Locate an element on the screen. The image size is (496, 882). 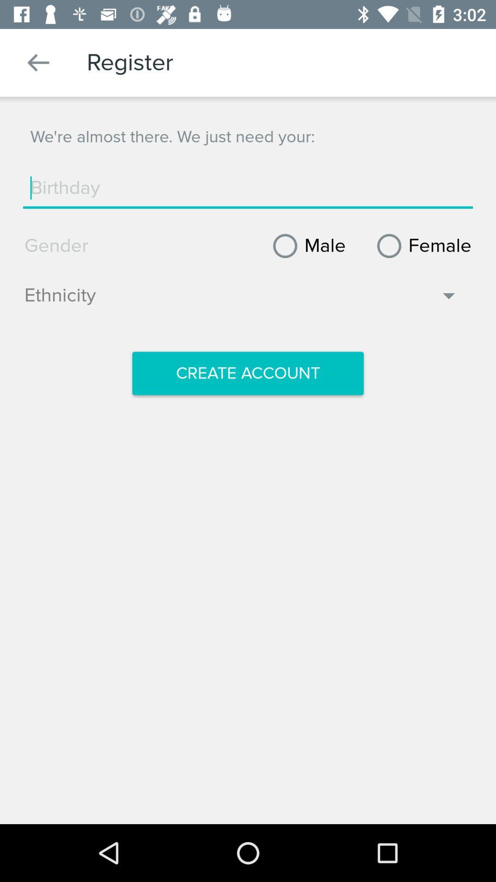
the birthday is located at coordinates (248, 187).